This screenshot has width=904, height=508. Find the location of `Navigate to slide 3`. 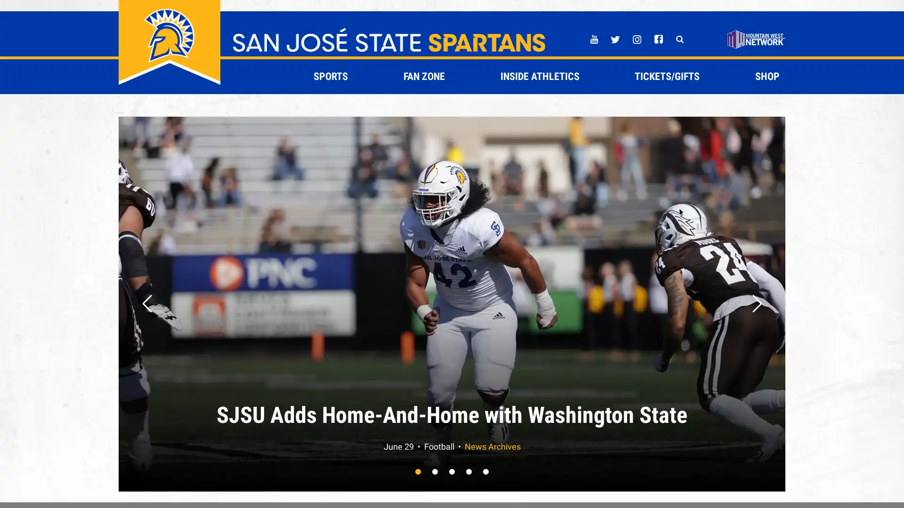

Navigate to slide 3 is located at coordinates (452, 471).